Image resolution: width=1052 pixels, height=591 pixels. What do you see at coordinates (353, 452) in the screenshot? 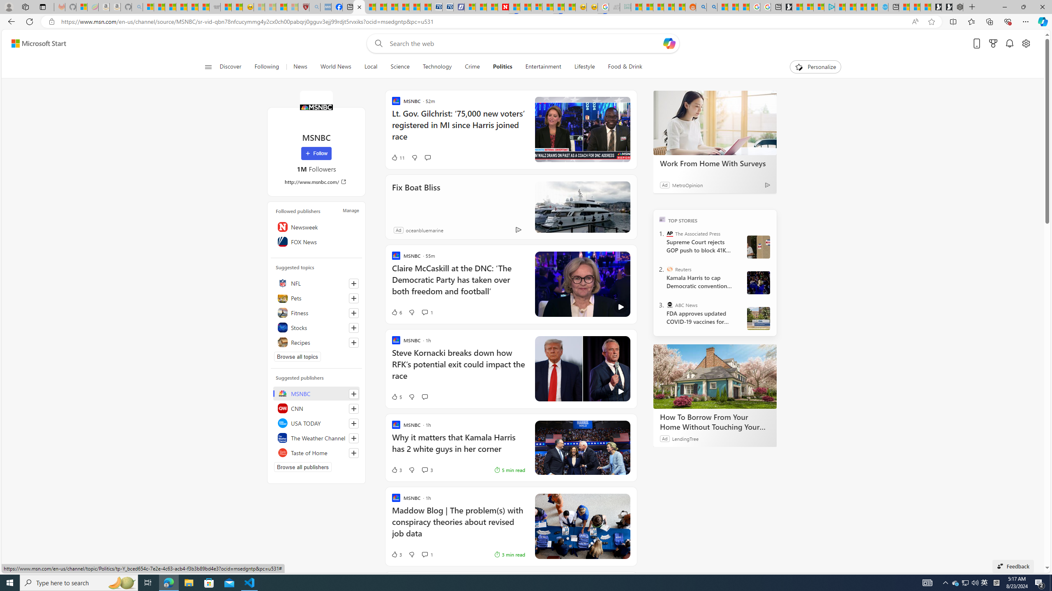
I see `'Follow this source'` at bounding box center [353, 452].